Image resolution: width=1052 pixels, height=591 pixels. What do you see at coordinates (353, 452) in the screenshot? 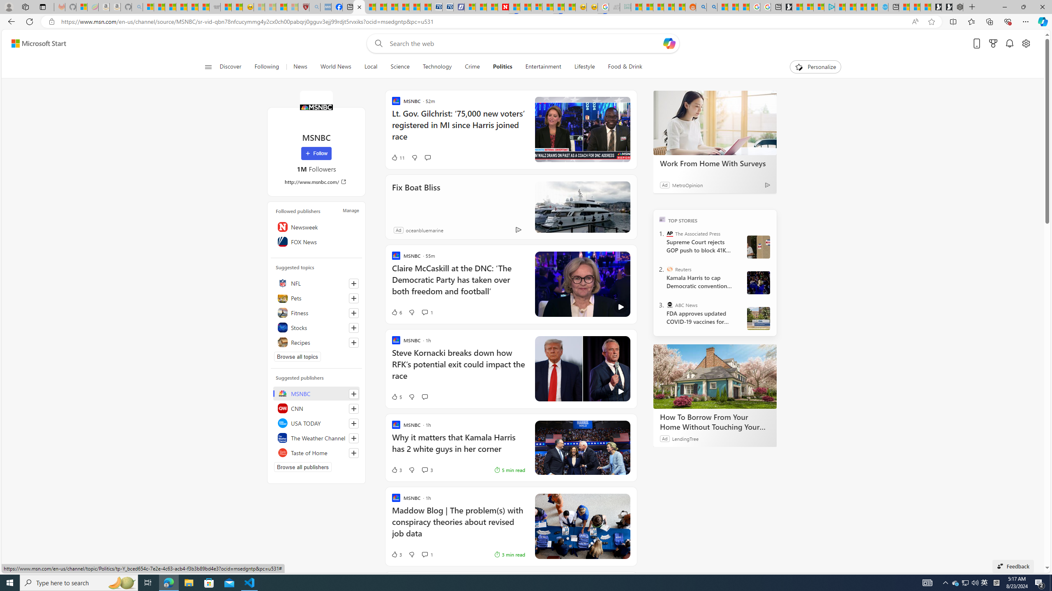
I see `'Follow this source'` at bounding box center [353, 452].